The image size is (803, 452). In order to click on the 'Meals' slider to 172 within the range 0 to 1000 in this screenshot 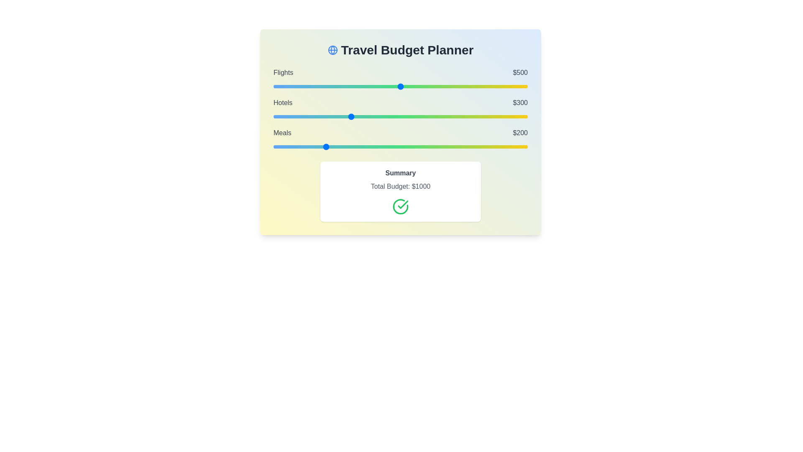, I will do `click(317, 146)`.